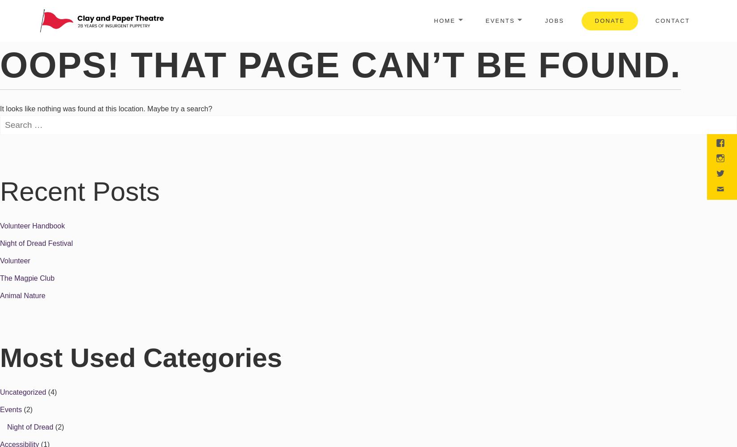  What do you see at coordinates (23, 392) in the screenshot?
I see `'Uncategorized'` at bounding box center [23, 392].